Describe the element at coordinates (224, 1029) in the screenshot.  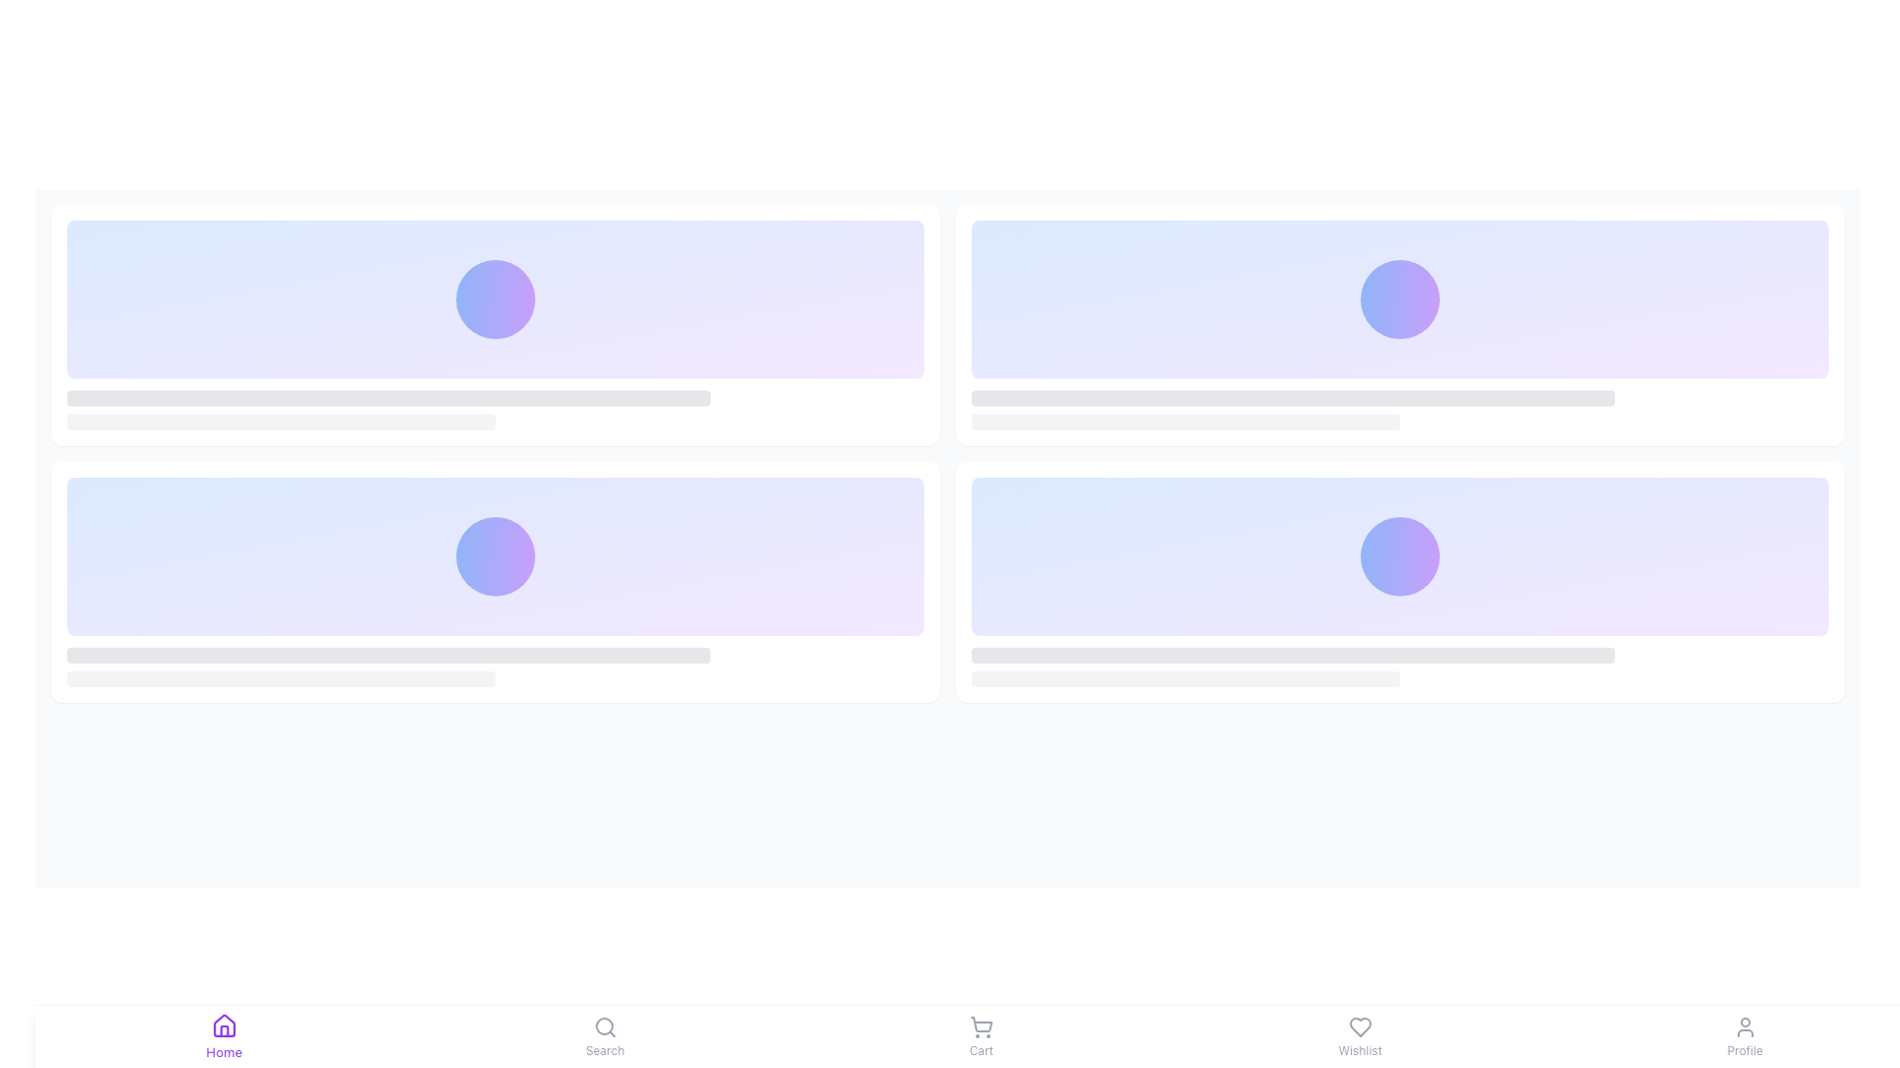
I see `the Icon component representing a house with a door, located in the bottom left corner of the application's footer` at that location.